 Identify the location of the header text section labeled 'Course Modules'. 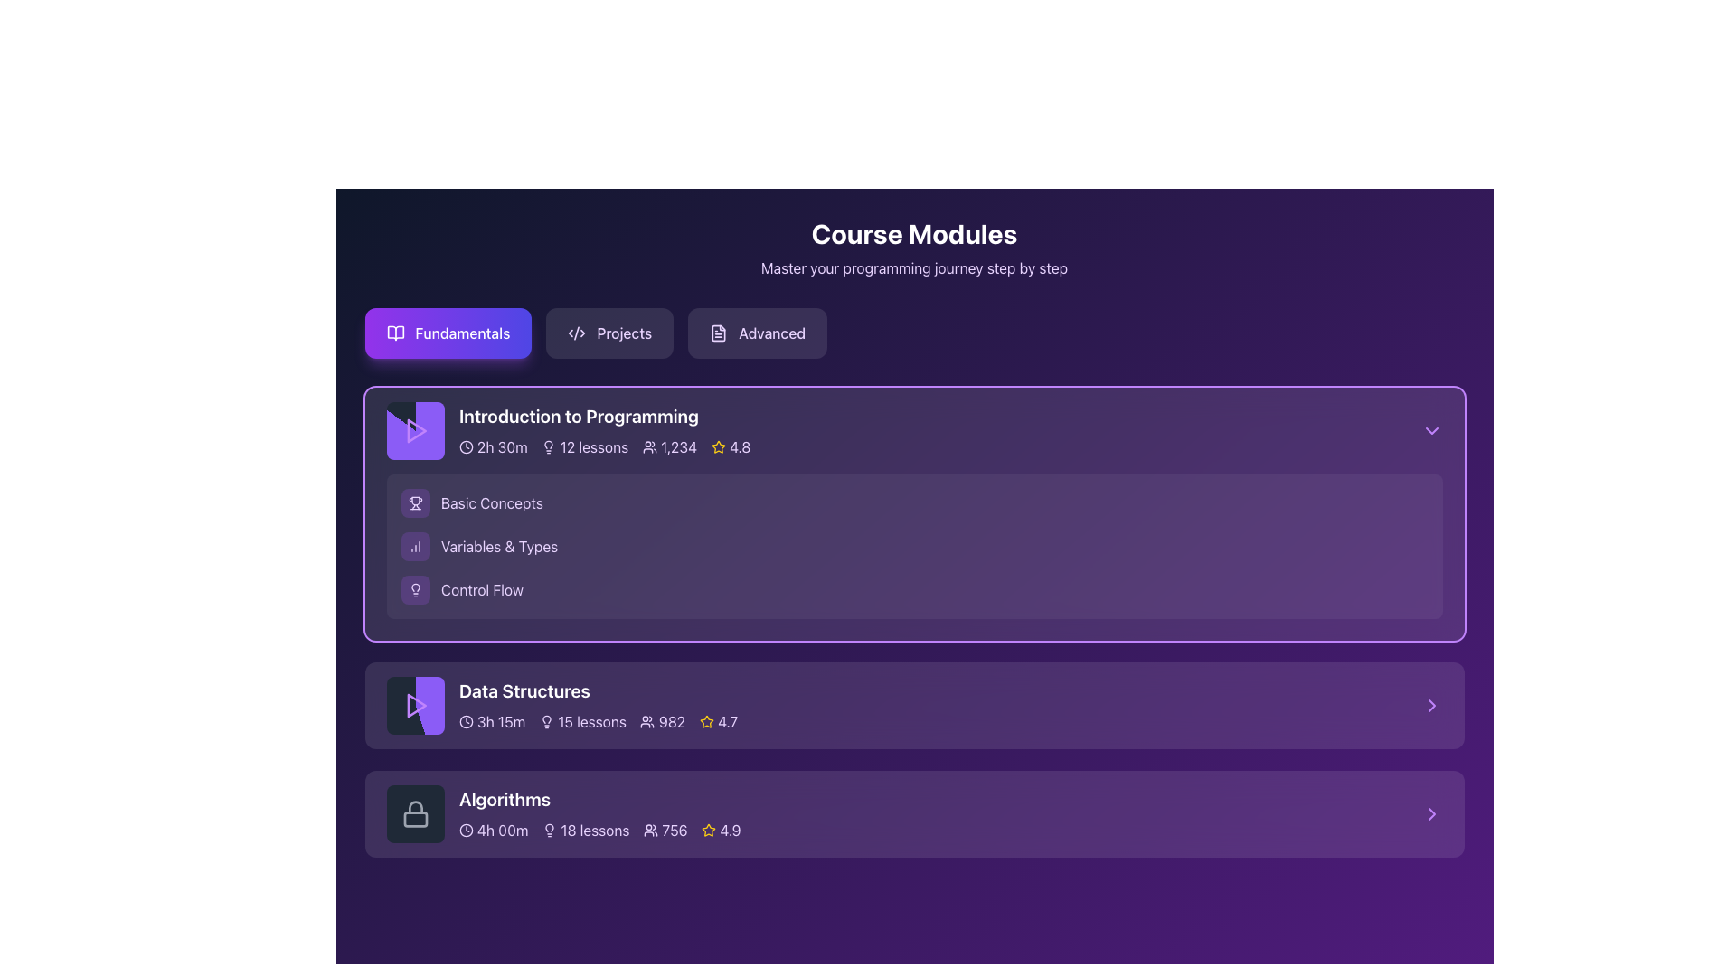
(914, 248).